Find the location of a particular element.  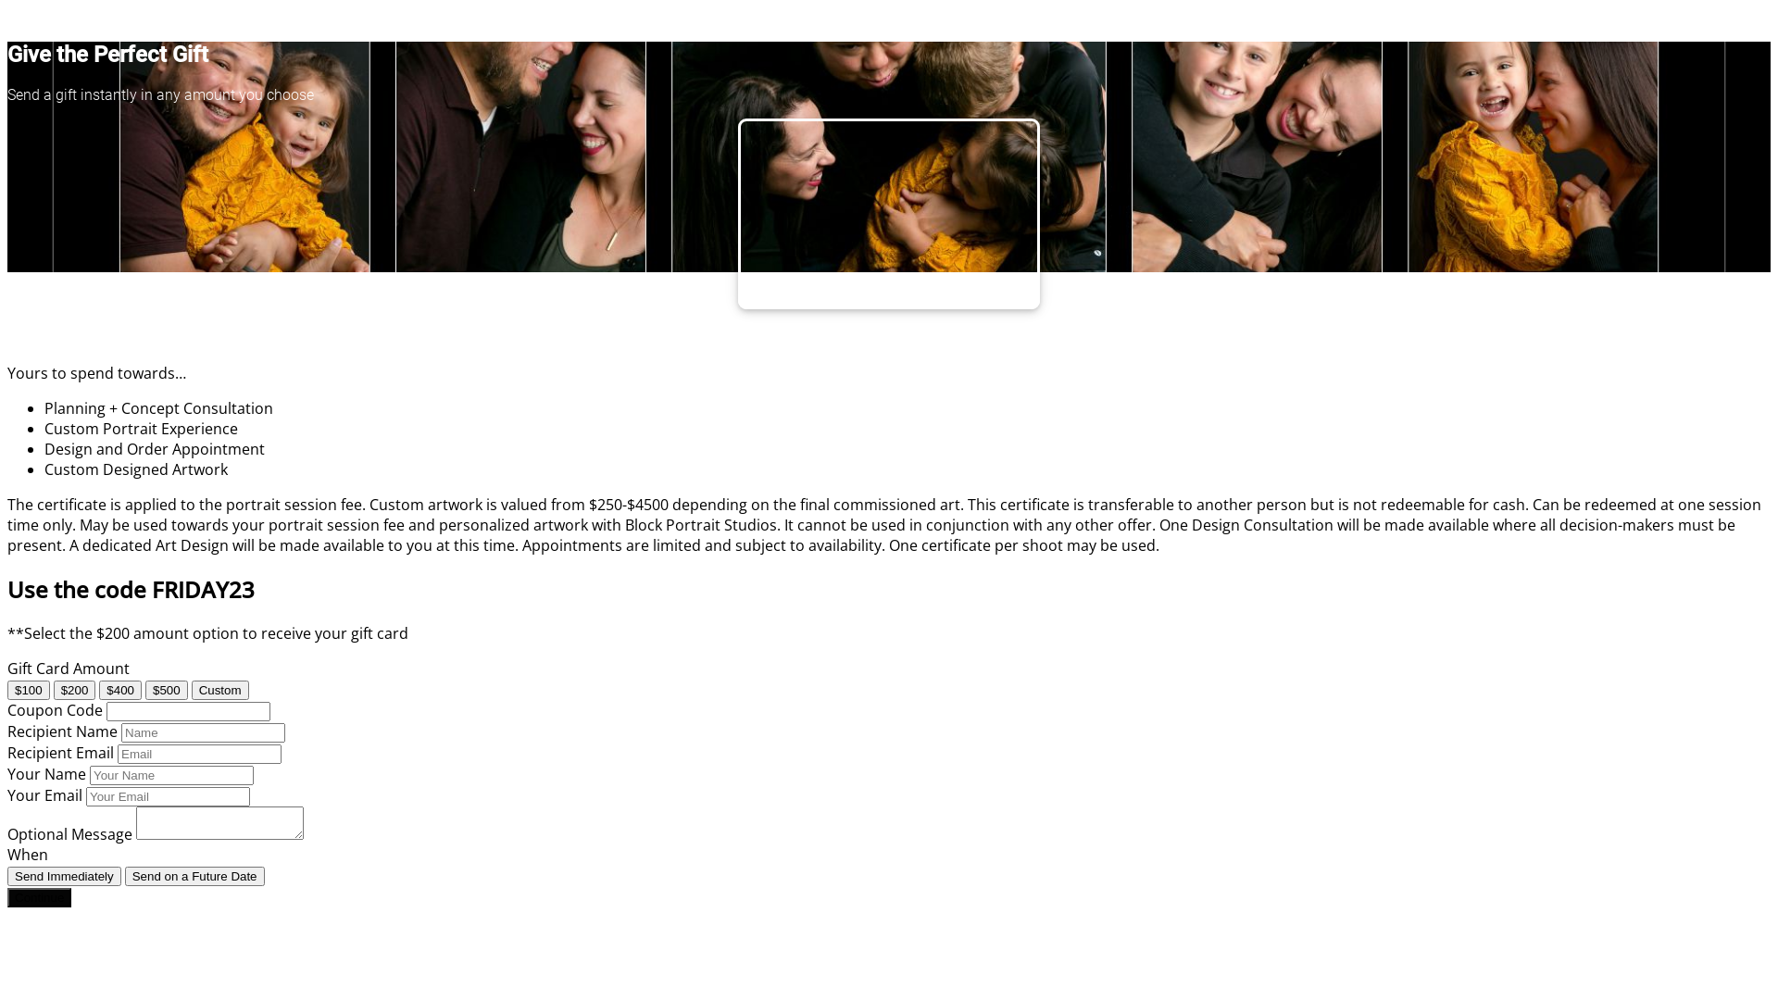

'Continue' is located at coordinates (39, 896).